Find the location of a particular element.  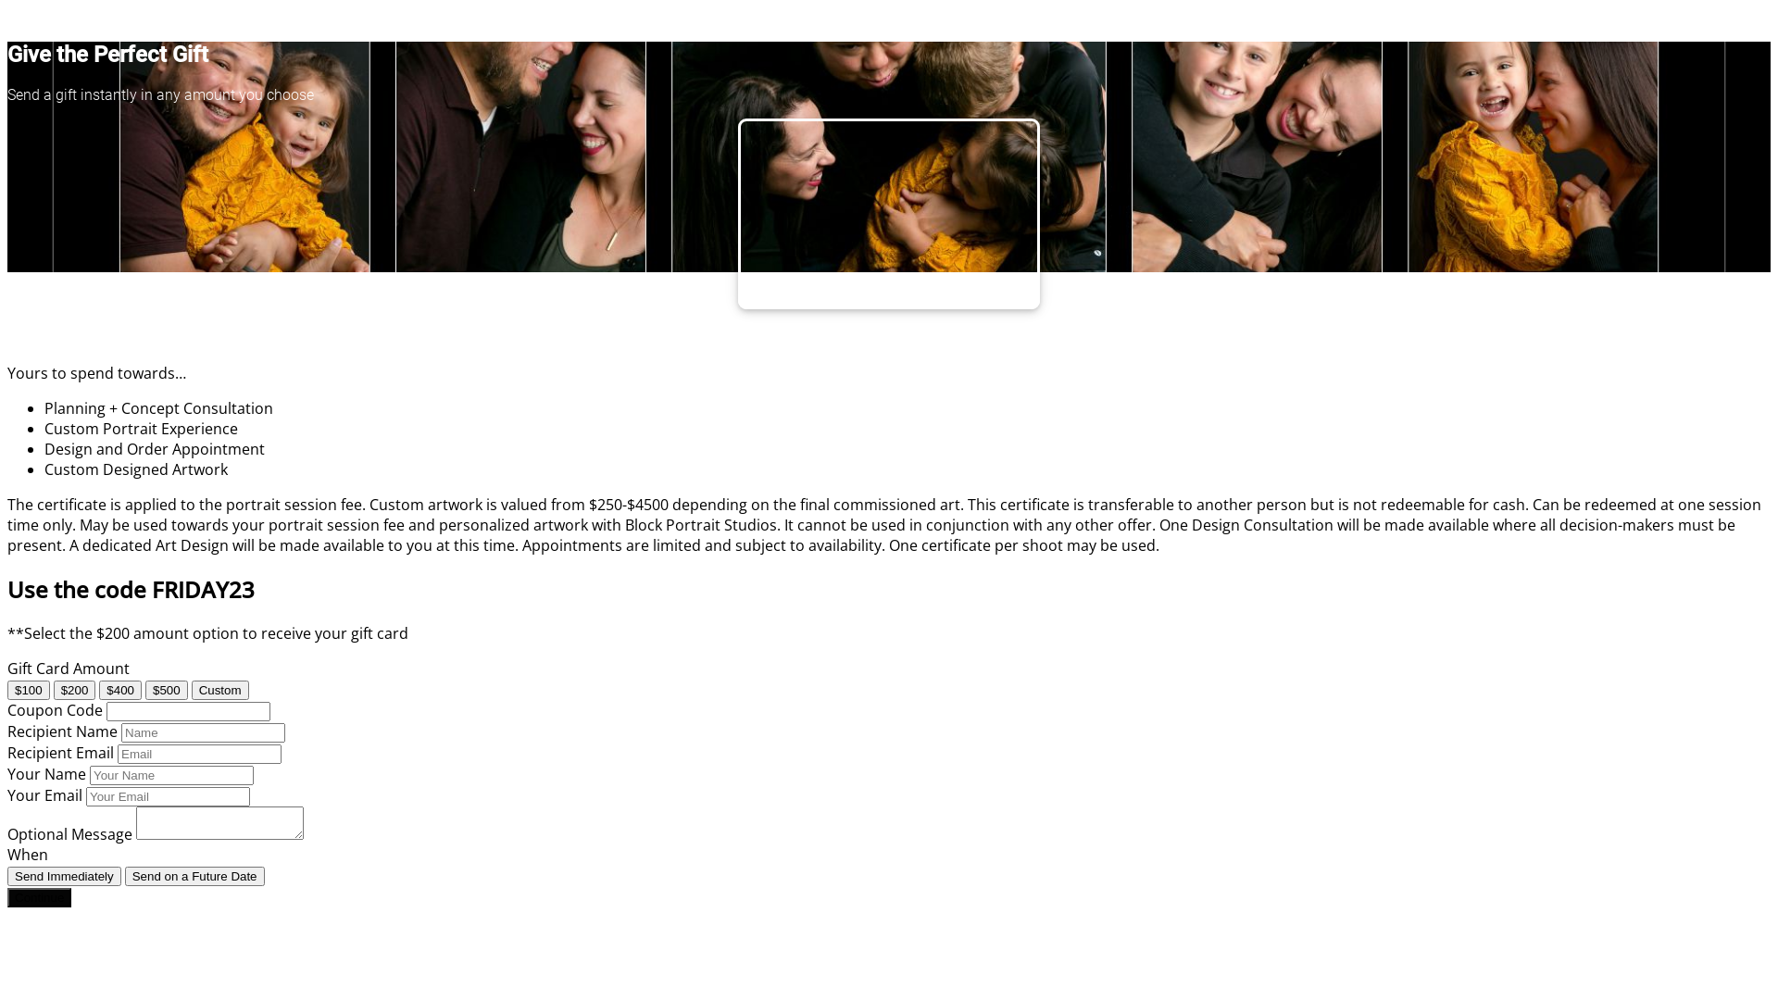

'Continue' is located at coordinates (39, 896).